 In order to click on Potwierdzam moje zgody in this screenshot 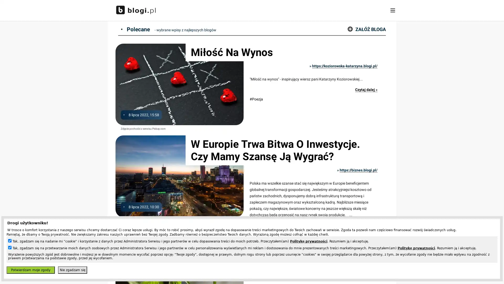, I will do `click(30, 270)`.